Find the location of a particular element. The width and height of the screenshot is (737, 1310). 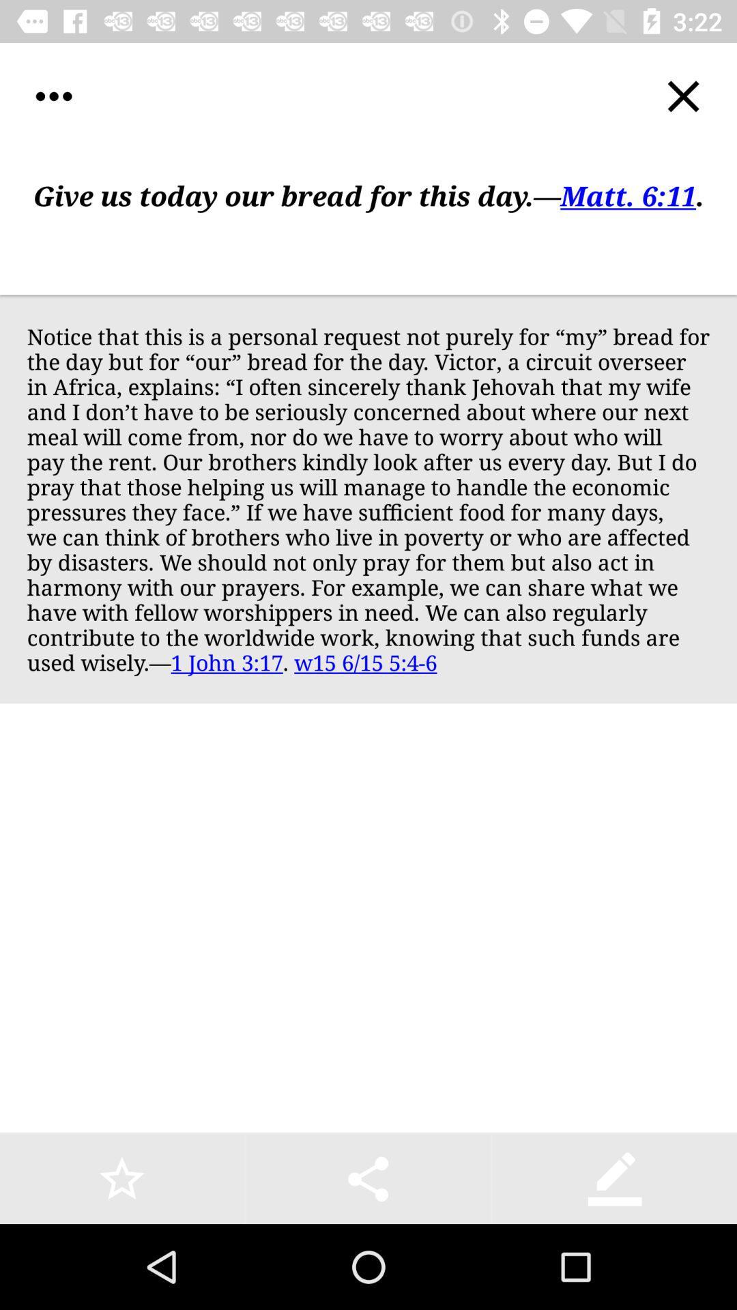

icon at the top left corner is located at coordinates (53, 96).